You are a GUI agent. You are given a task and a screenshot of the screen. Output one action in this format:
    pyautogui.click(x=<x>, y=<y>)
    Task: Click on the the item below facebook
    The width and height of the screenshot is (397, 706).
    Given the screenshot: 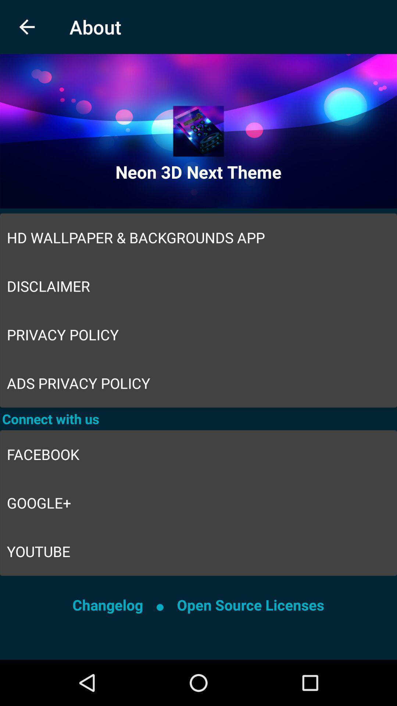 What is the action you would take?
    pyautogui.click(x=198, y=503)
    